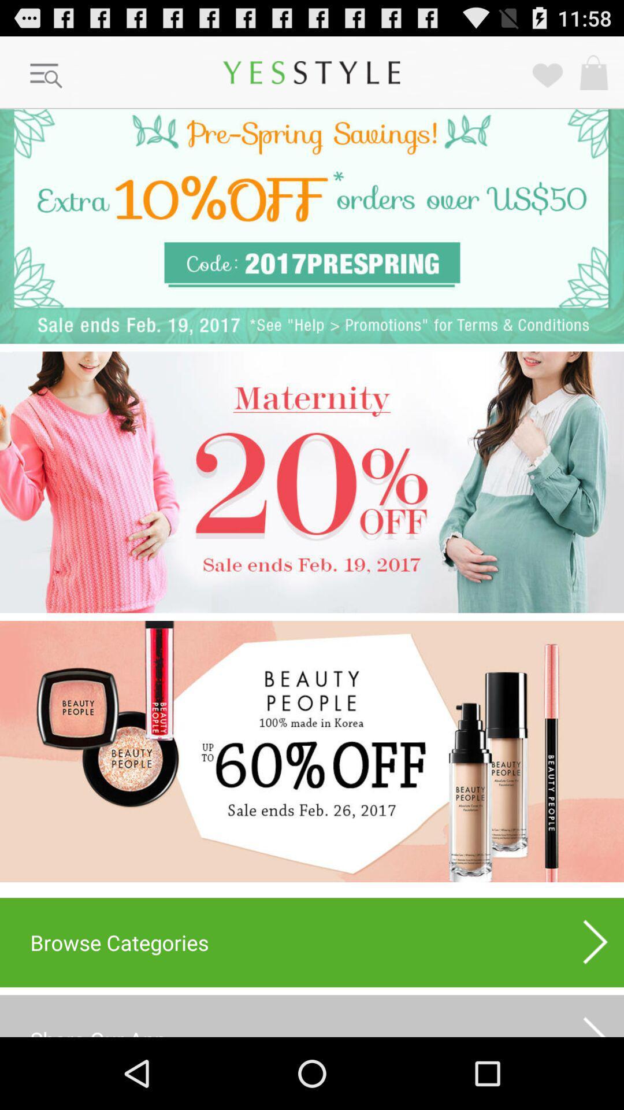 Image resolution: width=624 pixels, height=1110 pixels. What do you see at coordinates (596, 942) in the screenshot?
I see `item above the share our app` at bounding box center [596, 942].